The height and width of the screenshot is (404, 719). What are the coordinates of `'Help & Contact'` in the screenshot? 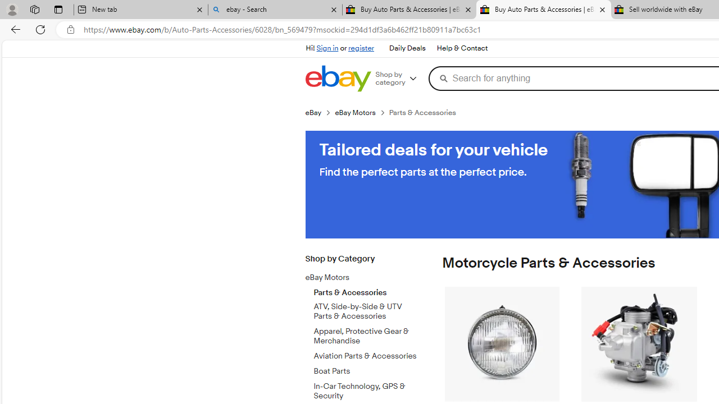 It's located at (461, 48).